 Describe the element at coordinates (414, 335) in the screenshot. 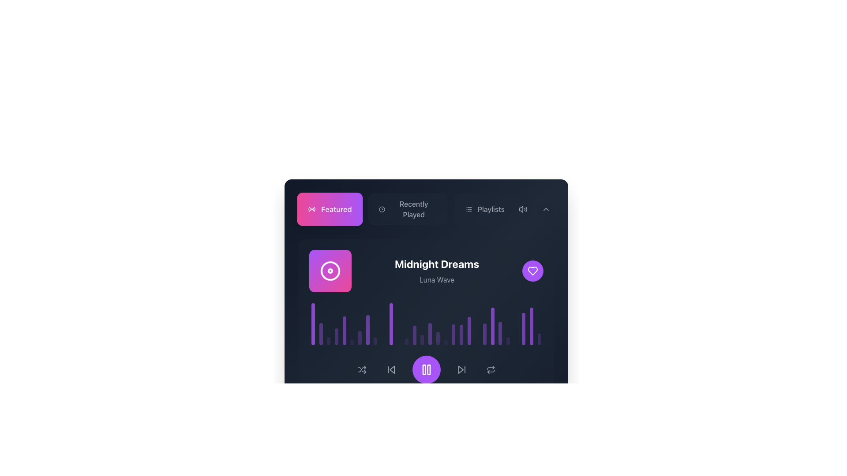

I see `the violet graphical bar component with rounded edges, located centrally at the bottom of the playback interface, positioned to the right among similar vertical bars` at that location.